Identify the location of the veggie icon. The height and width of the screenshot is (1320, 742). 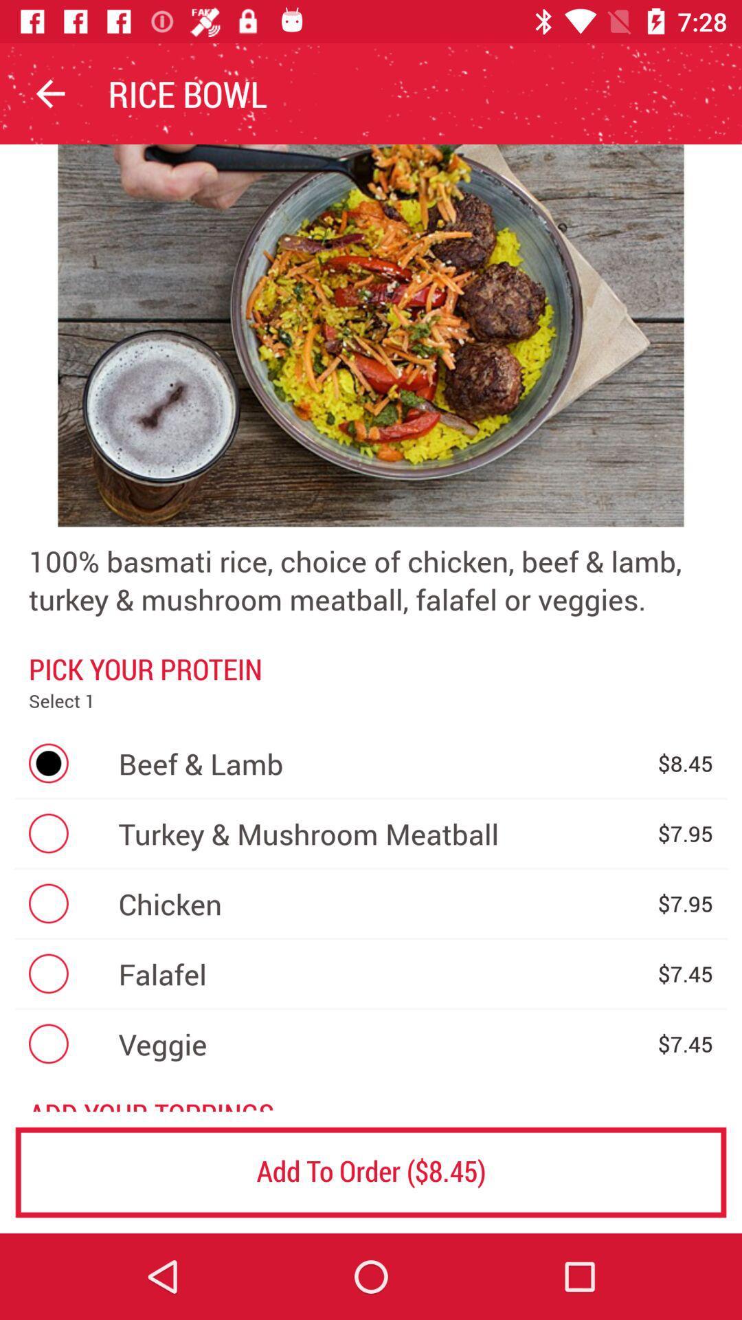
(381, 1044).